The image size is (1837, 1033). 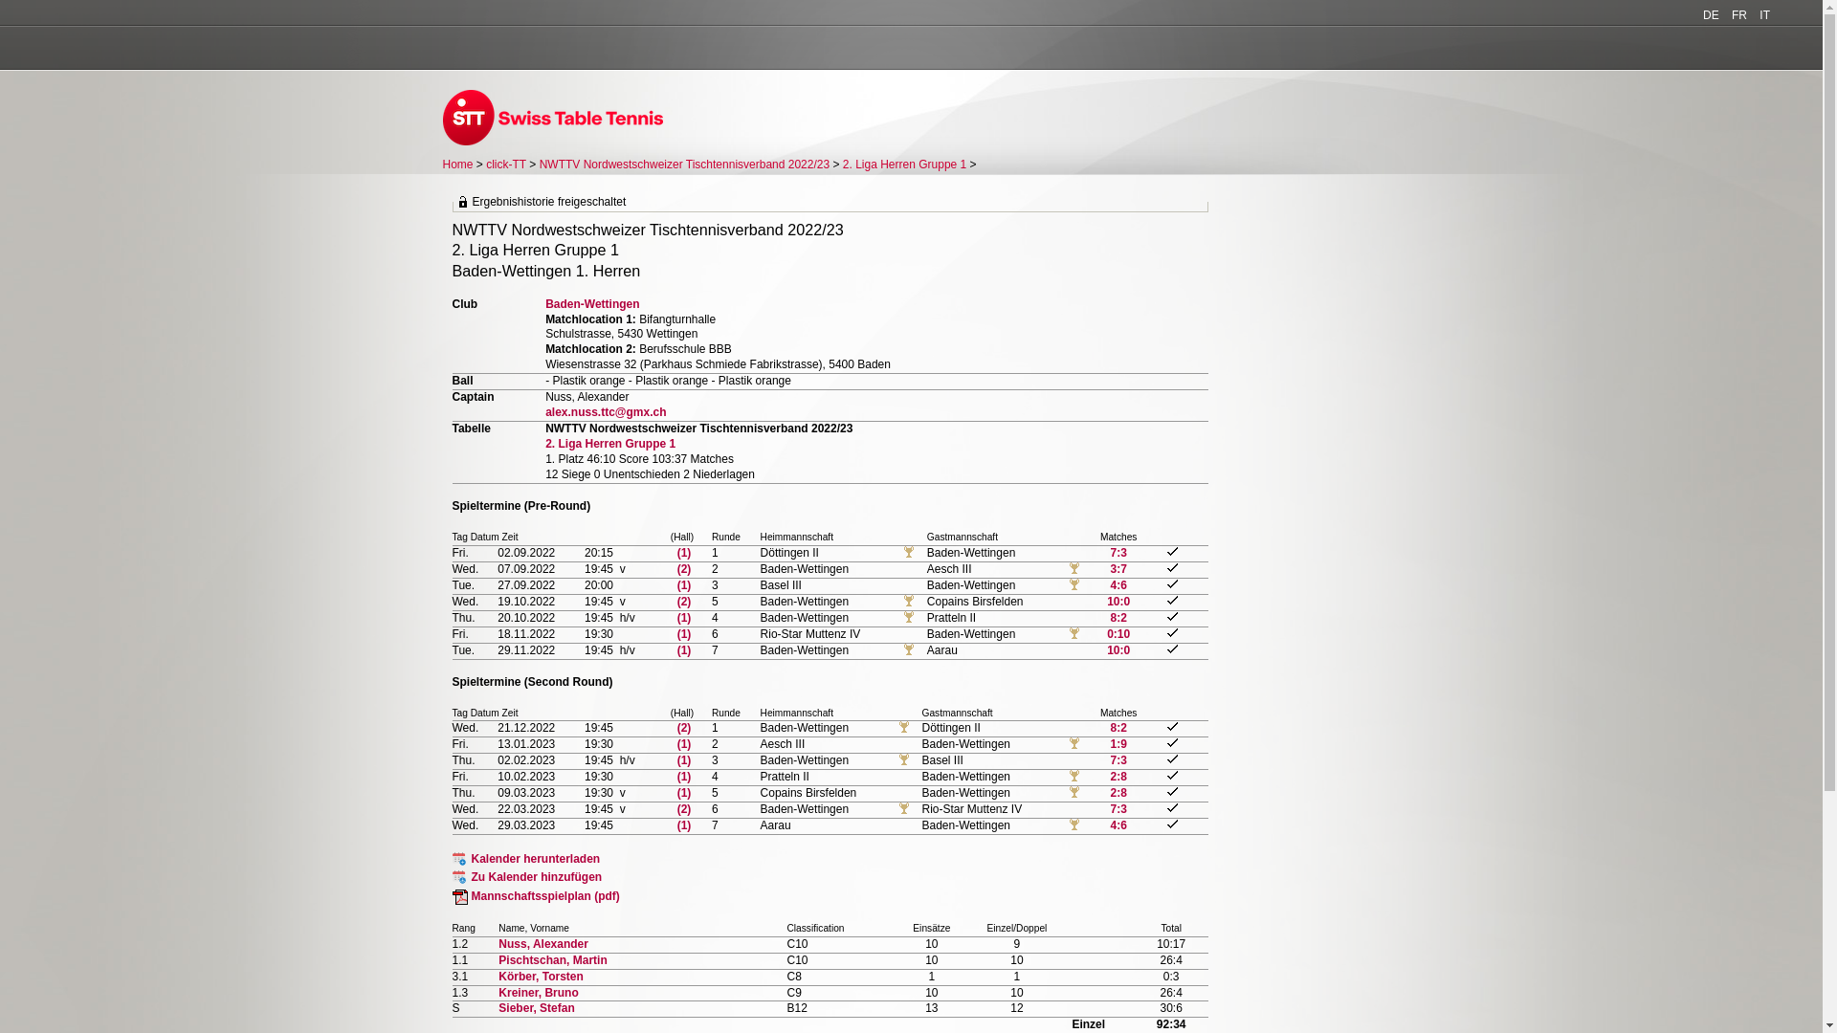 What do you see at coordinates (684, 824) in the screenshot?
I see `'(1)'` at bounding box center [684, 824].